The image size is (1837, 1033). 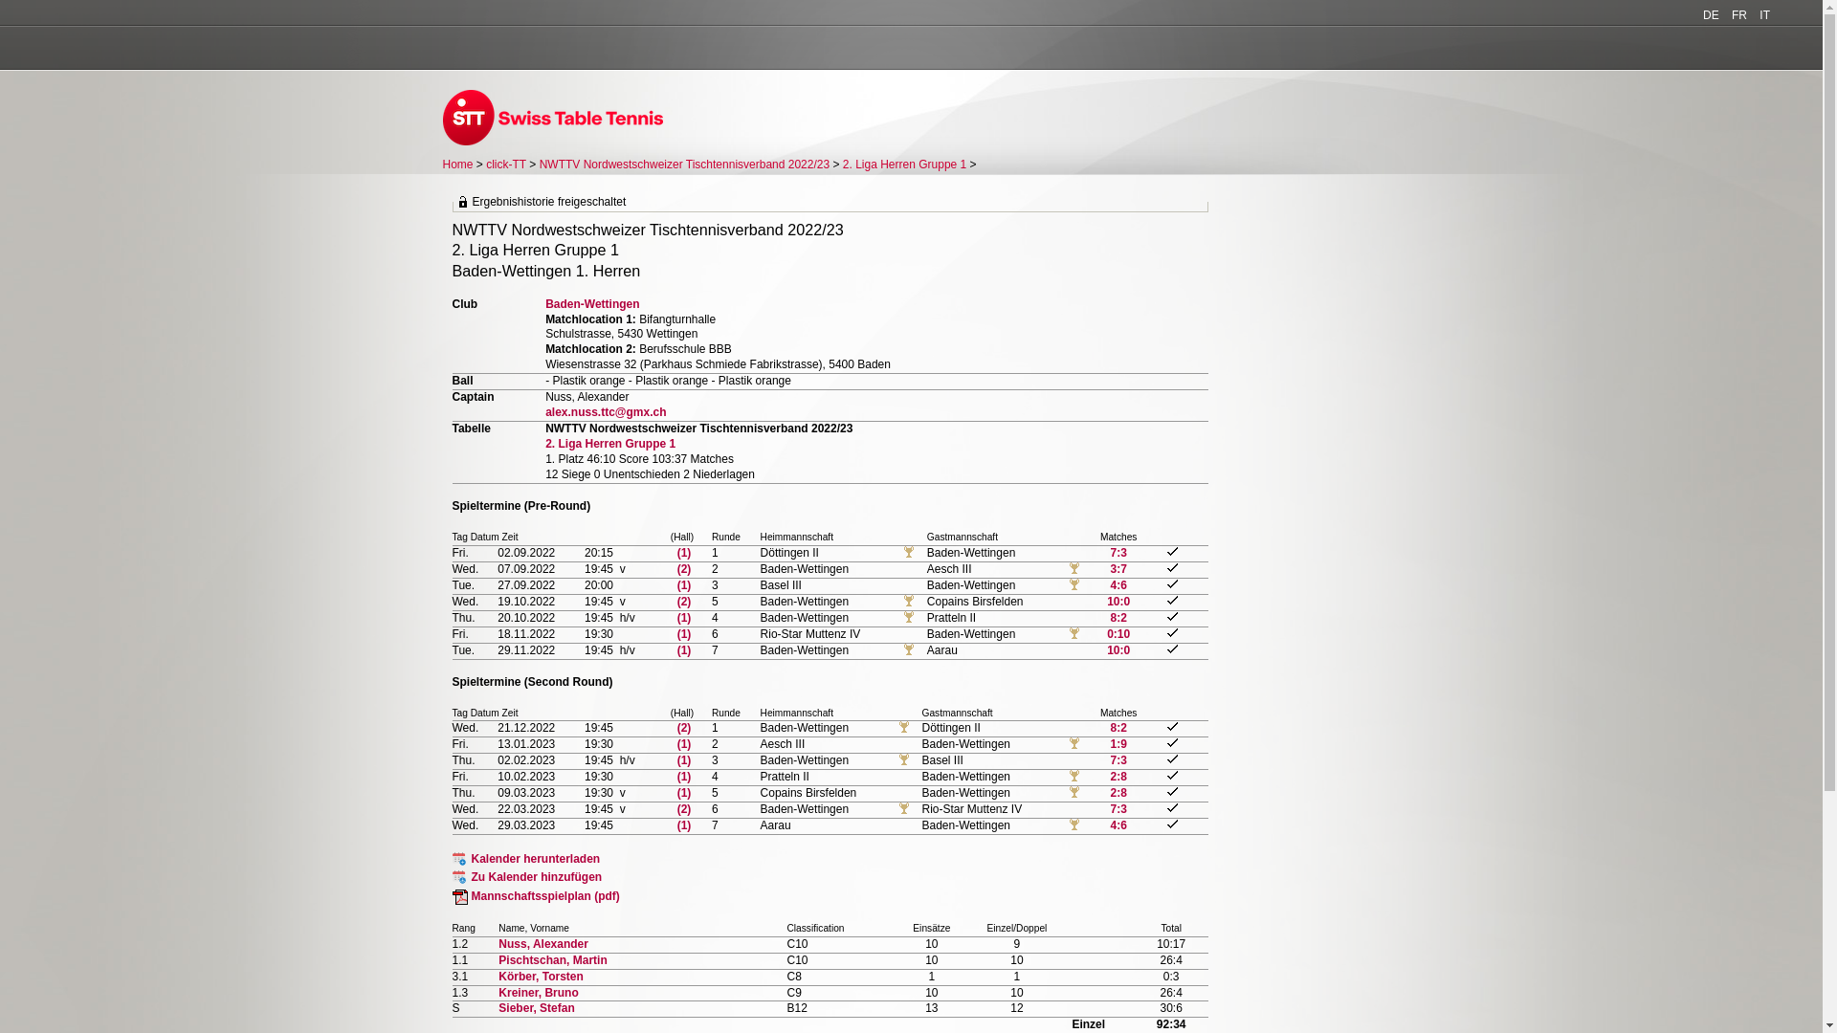 What do you see at coordinates (684, 824) in the screenshot?
I see `'(1)'` at bounding box center [684, 824].